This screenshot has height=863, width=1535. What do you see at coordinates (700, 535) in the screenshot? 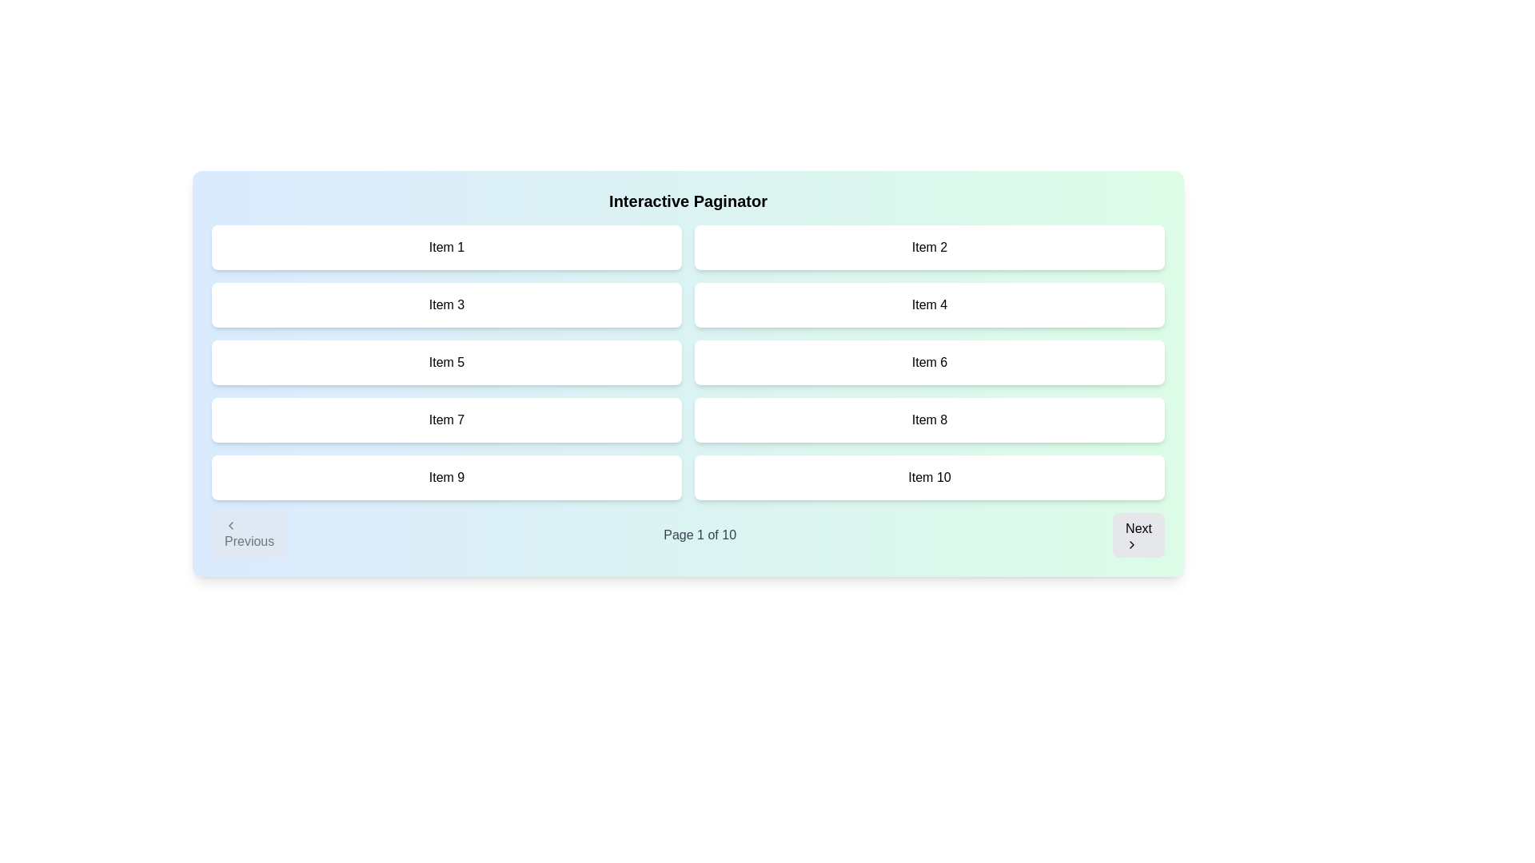
I see `the text label displaying 'Page 1 of 10' which is styled in gray and located between the 'Previous' and 'Next' buttons in the navigation panel` at bounding box center [700, 535].